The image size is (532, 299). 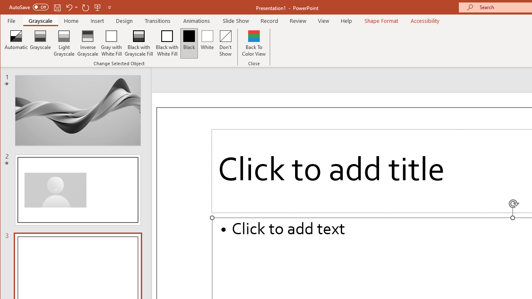 I want to click on 'Automatic', so click(x=16, y=43).